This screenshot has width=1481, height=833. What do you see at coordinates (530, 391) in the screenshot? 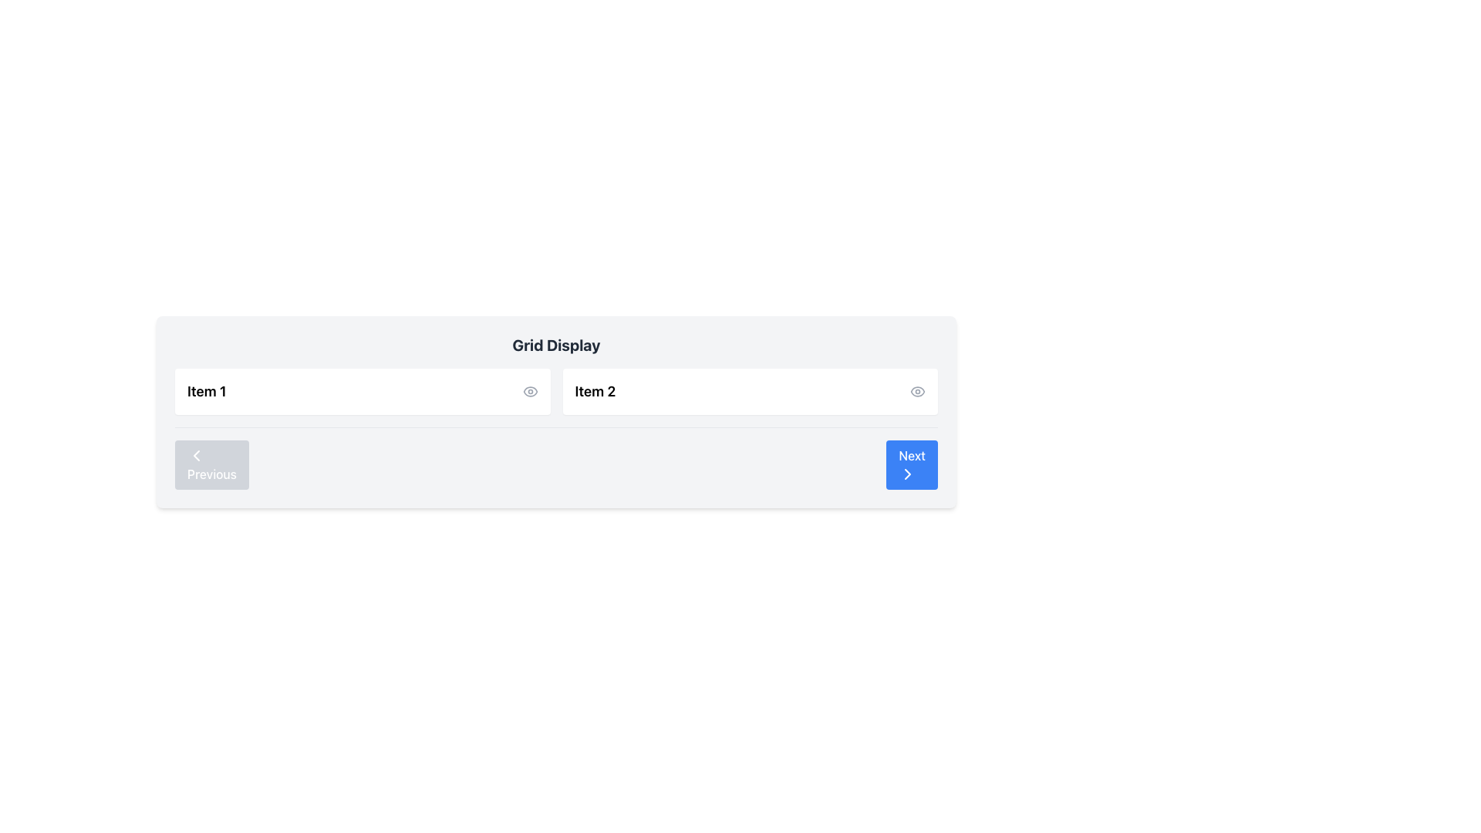
I see `the visibility toggle icon button for 'Item 1' located at the right end of its row` at bounding box center [530, 391].